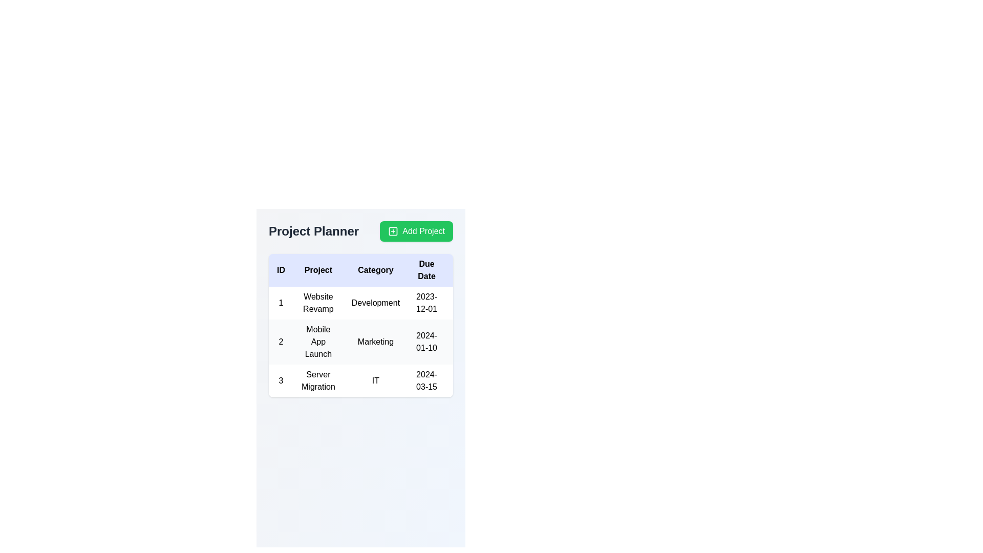 The width and height of the screenshot is (983, 553). I want to click on the decorative SVG graphical element that enhances the visual representation of the 'Add Project' button, located at the top-right corner of the interface, above the table, so click(393, 231).